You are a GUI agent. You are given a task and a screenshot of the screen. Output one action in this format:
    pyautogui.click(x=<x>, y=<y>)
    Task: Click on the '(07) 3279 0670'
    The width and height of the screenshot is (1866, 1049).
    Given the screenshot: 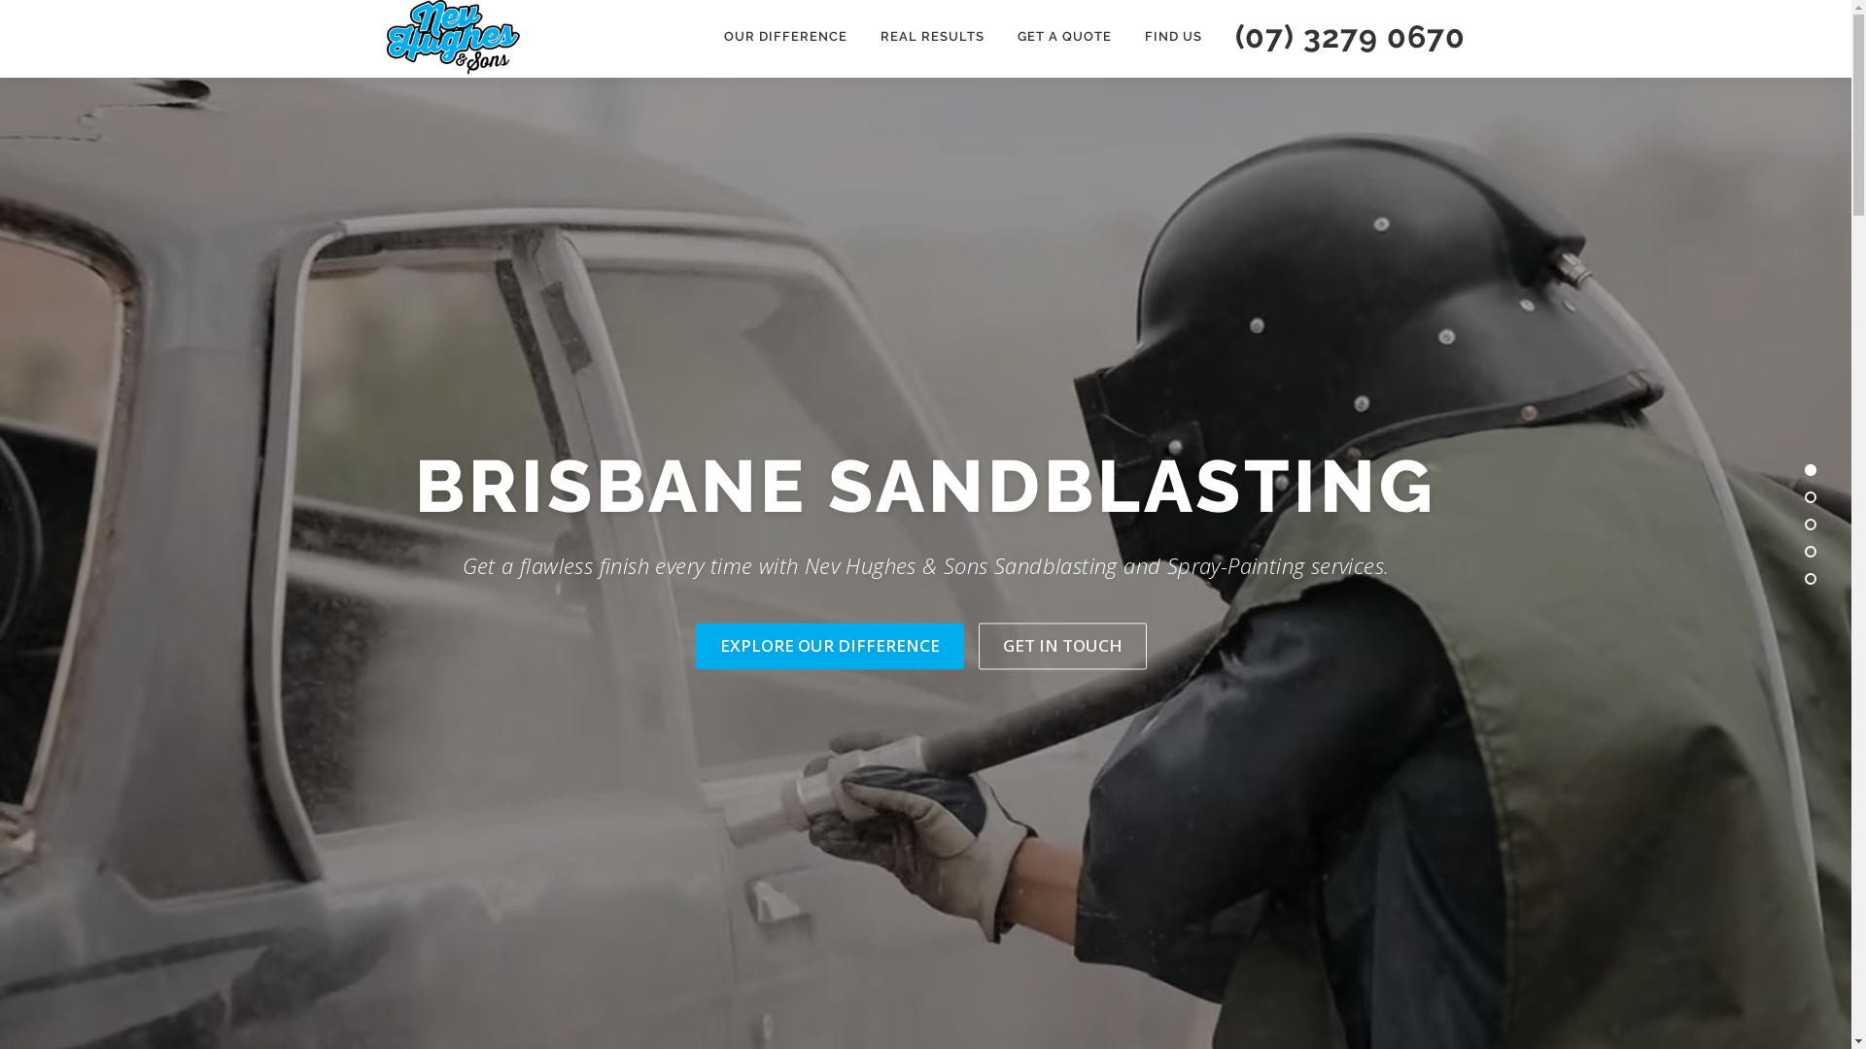 What is the action you would take?
    pyautogui.click(x=1341, y=36)
    